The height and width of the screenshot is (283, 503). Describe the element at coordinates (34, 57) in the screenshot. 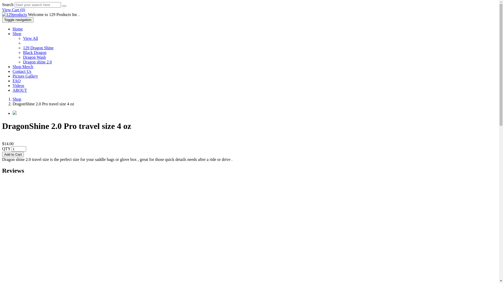

I see `'Dragon Wash'` at that location.